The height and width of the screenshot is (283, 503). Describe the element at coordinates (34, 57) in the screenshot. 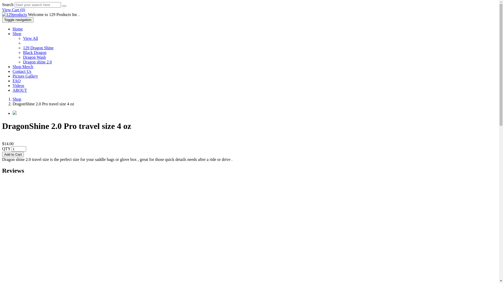

I see `'Dragon Wash'` at that location.